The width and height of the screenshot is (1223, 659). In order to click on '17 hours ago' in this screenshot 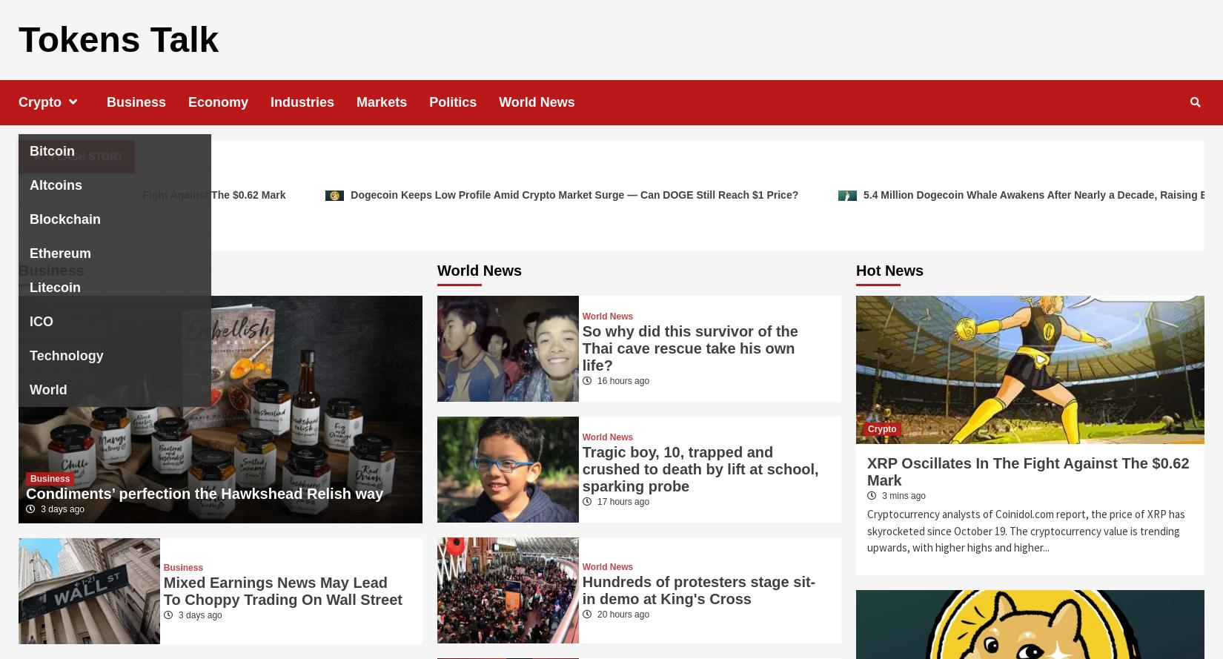, I will do `click(622, 501)`.